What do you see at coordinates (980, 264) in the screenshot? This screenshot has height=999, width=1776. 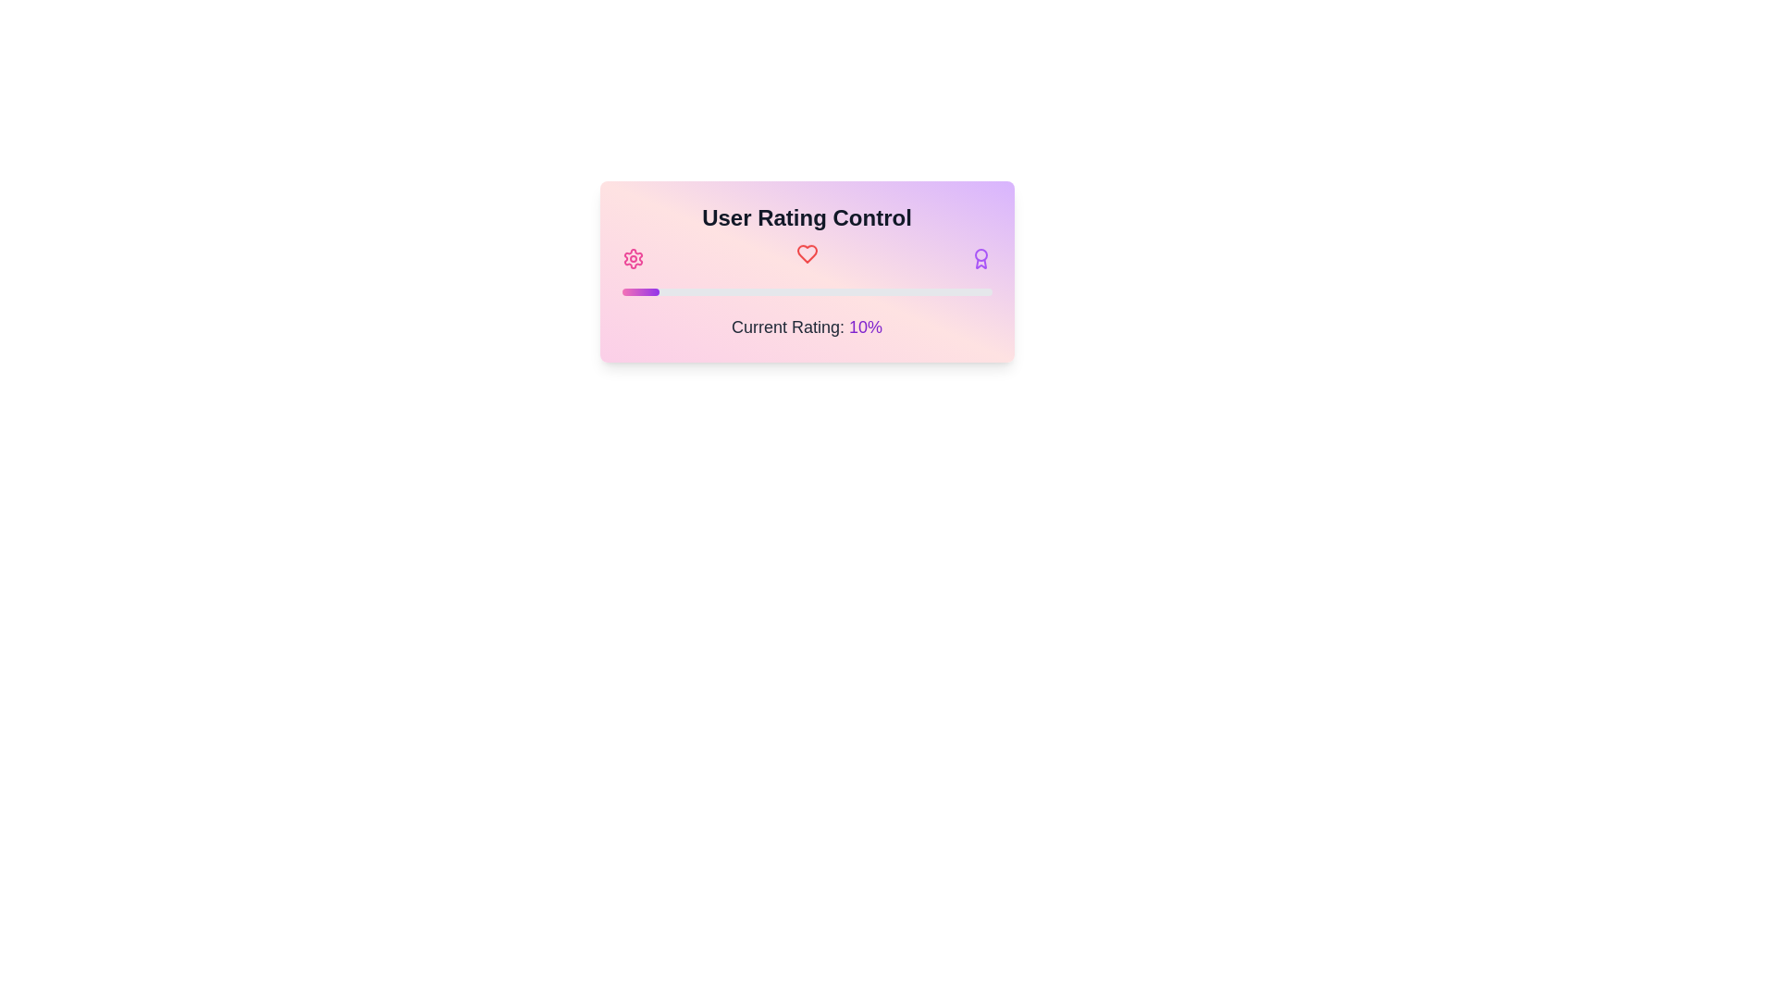 I see `the award-like icon located on the right-hand side of the main circular element` at bounding box center [980, 264].